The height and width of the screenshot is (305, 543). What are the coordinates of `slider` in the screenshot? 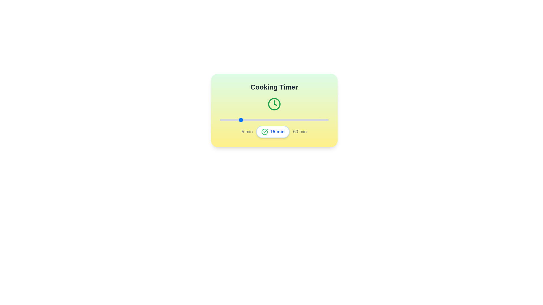 It's located at (249, 119).